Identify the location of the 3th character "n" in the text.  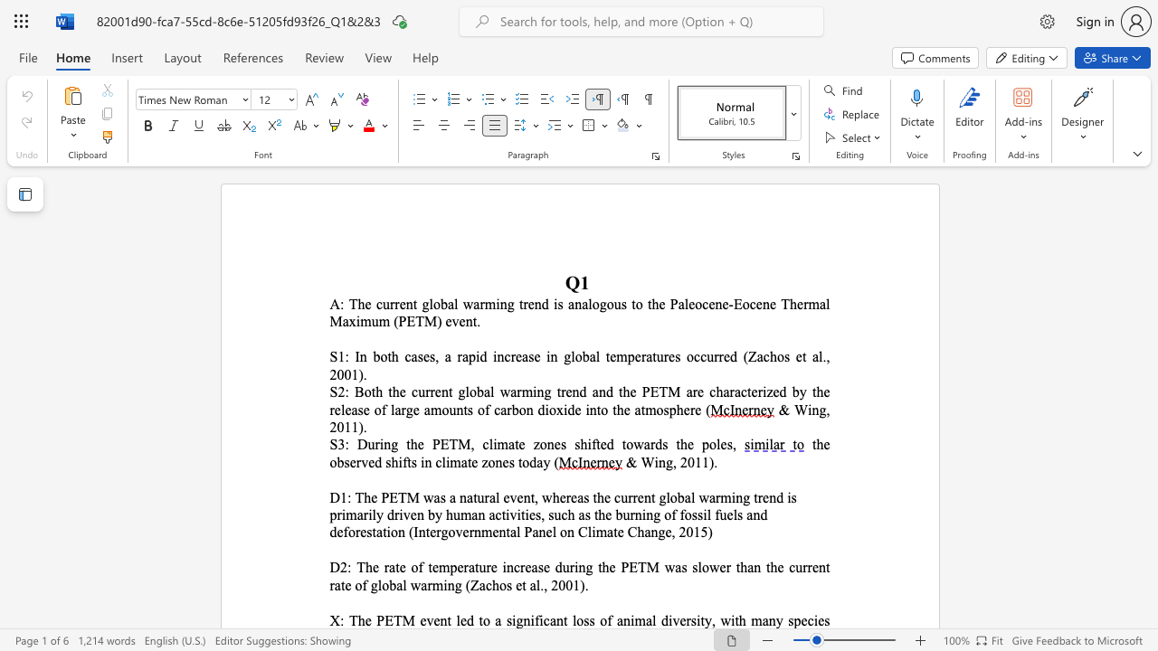
(553, 356).